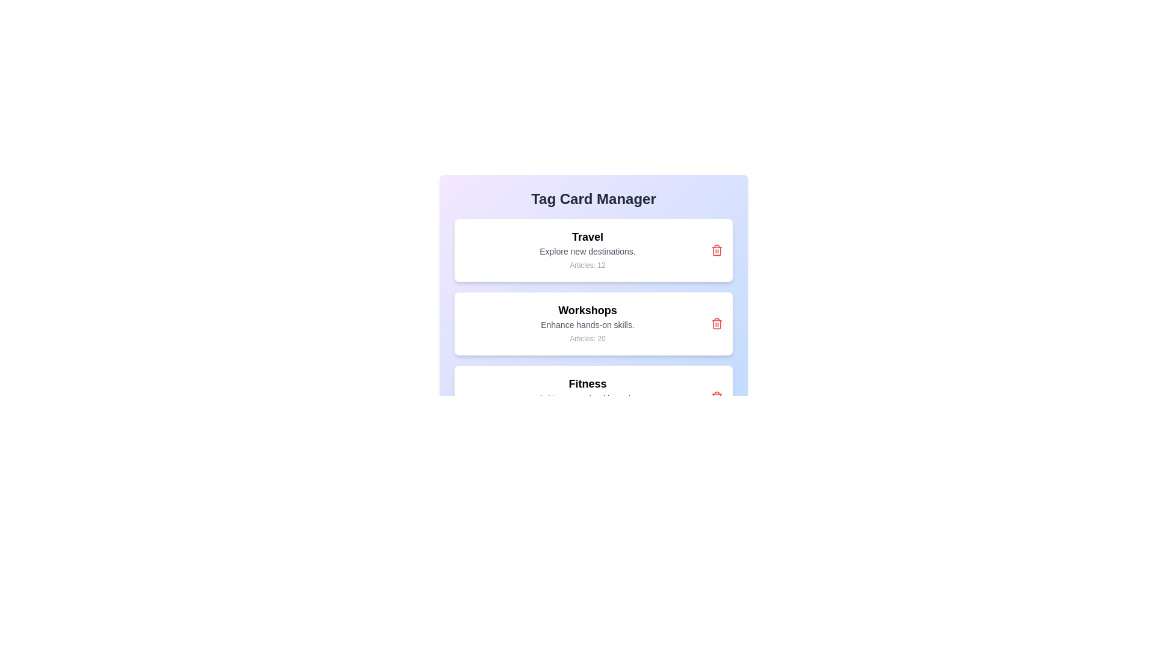 The width and height of the screenshot is (1155, 650). What do you see at coordinates (594, 397) in the screenshot?
I see `the tag card labeled Fitness` at bounding box center [594, 397].